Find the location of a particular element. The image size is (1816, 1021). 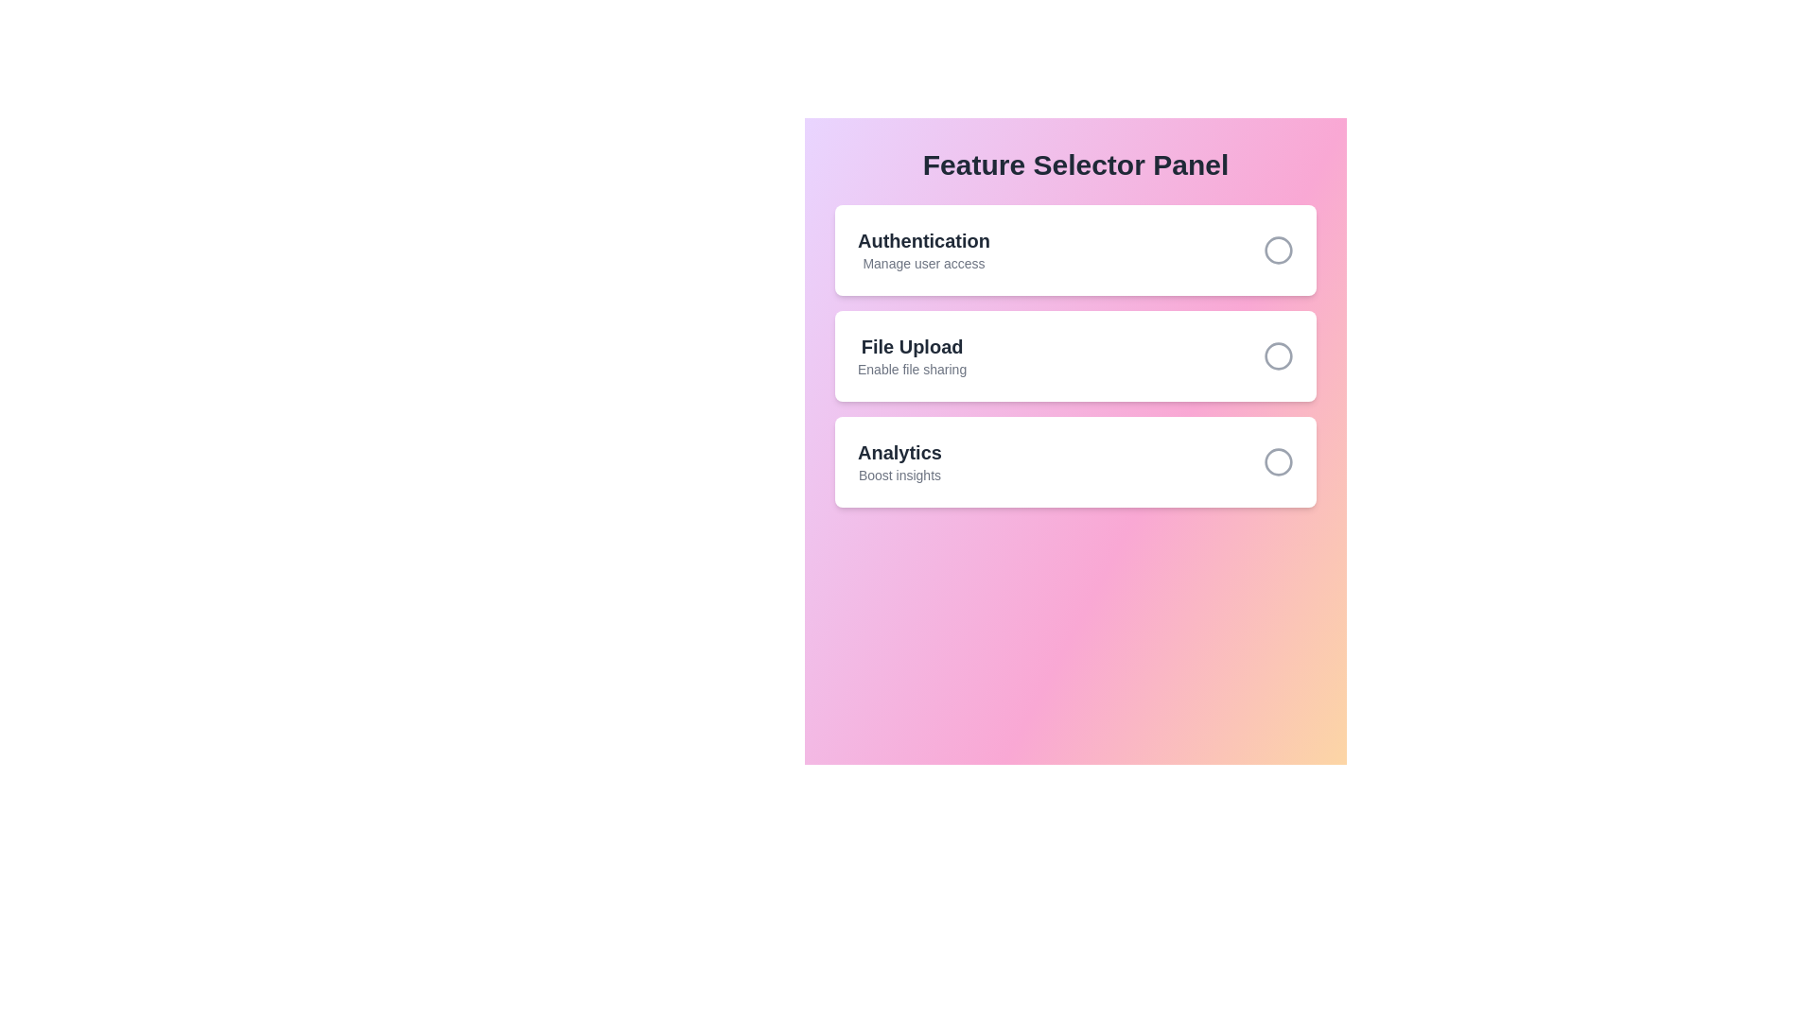

the feature card labeled File Upload is located at coordinates (1075, 356).